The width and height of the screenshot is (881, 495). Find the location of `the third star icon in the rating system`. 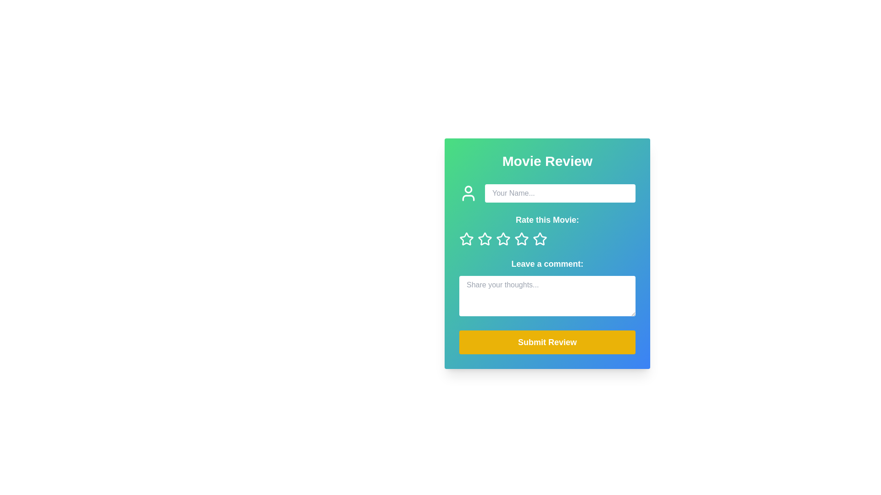

the third star icon in the rating system is located at coordinates (522, 238).